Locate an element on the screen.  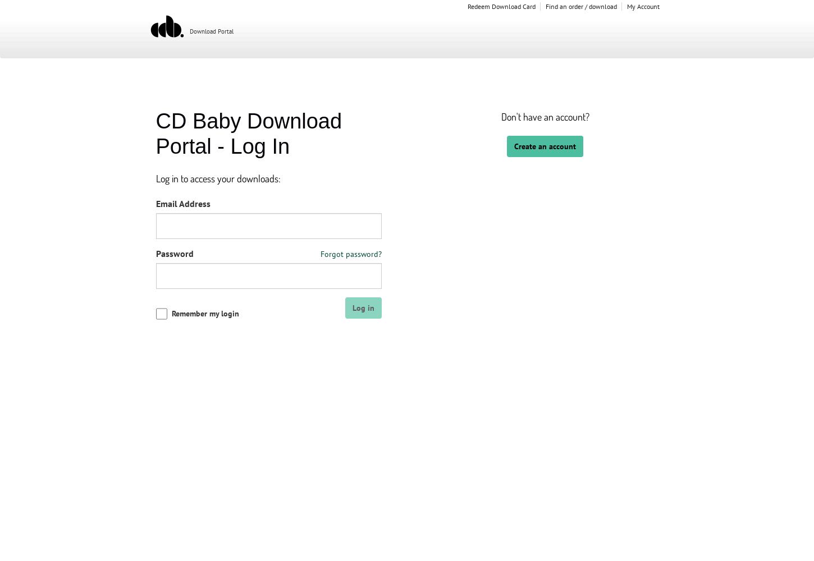
'Create an account' is located at coordinates (545, 146).